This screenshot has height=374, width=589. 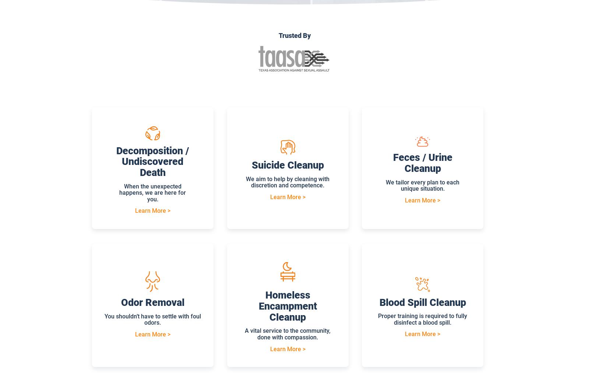 I want to click on 'Feces / Urine Cleanup', so click(x=393, y=162).